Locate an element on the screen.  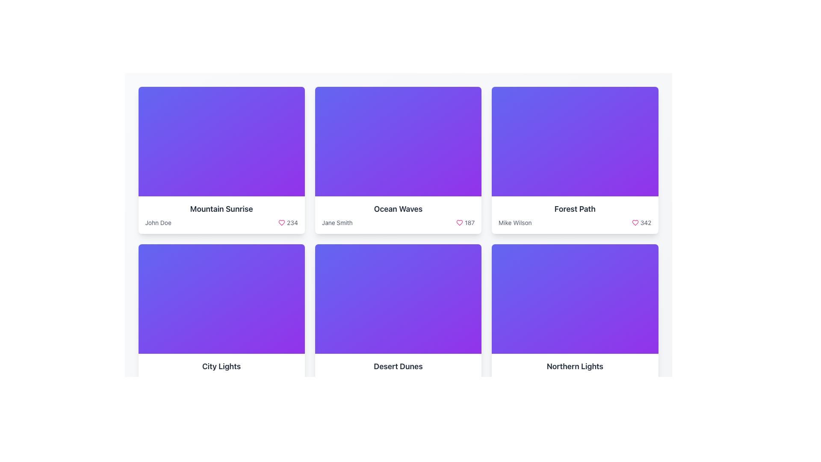
numeric label '187' displayed in small gray text, located to the right of the pink heart icon, which signifies the like count on the card titled 'Ocean Waves' is located at coordinates (465, 222).